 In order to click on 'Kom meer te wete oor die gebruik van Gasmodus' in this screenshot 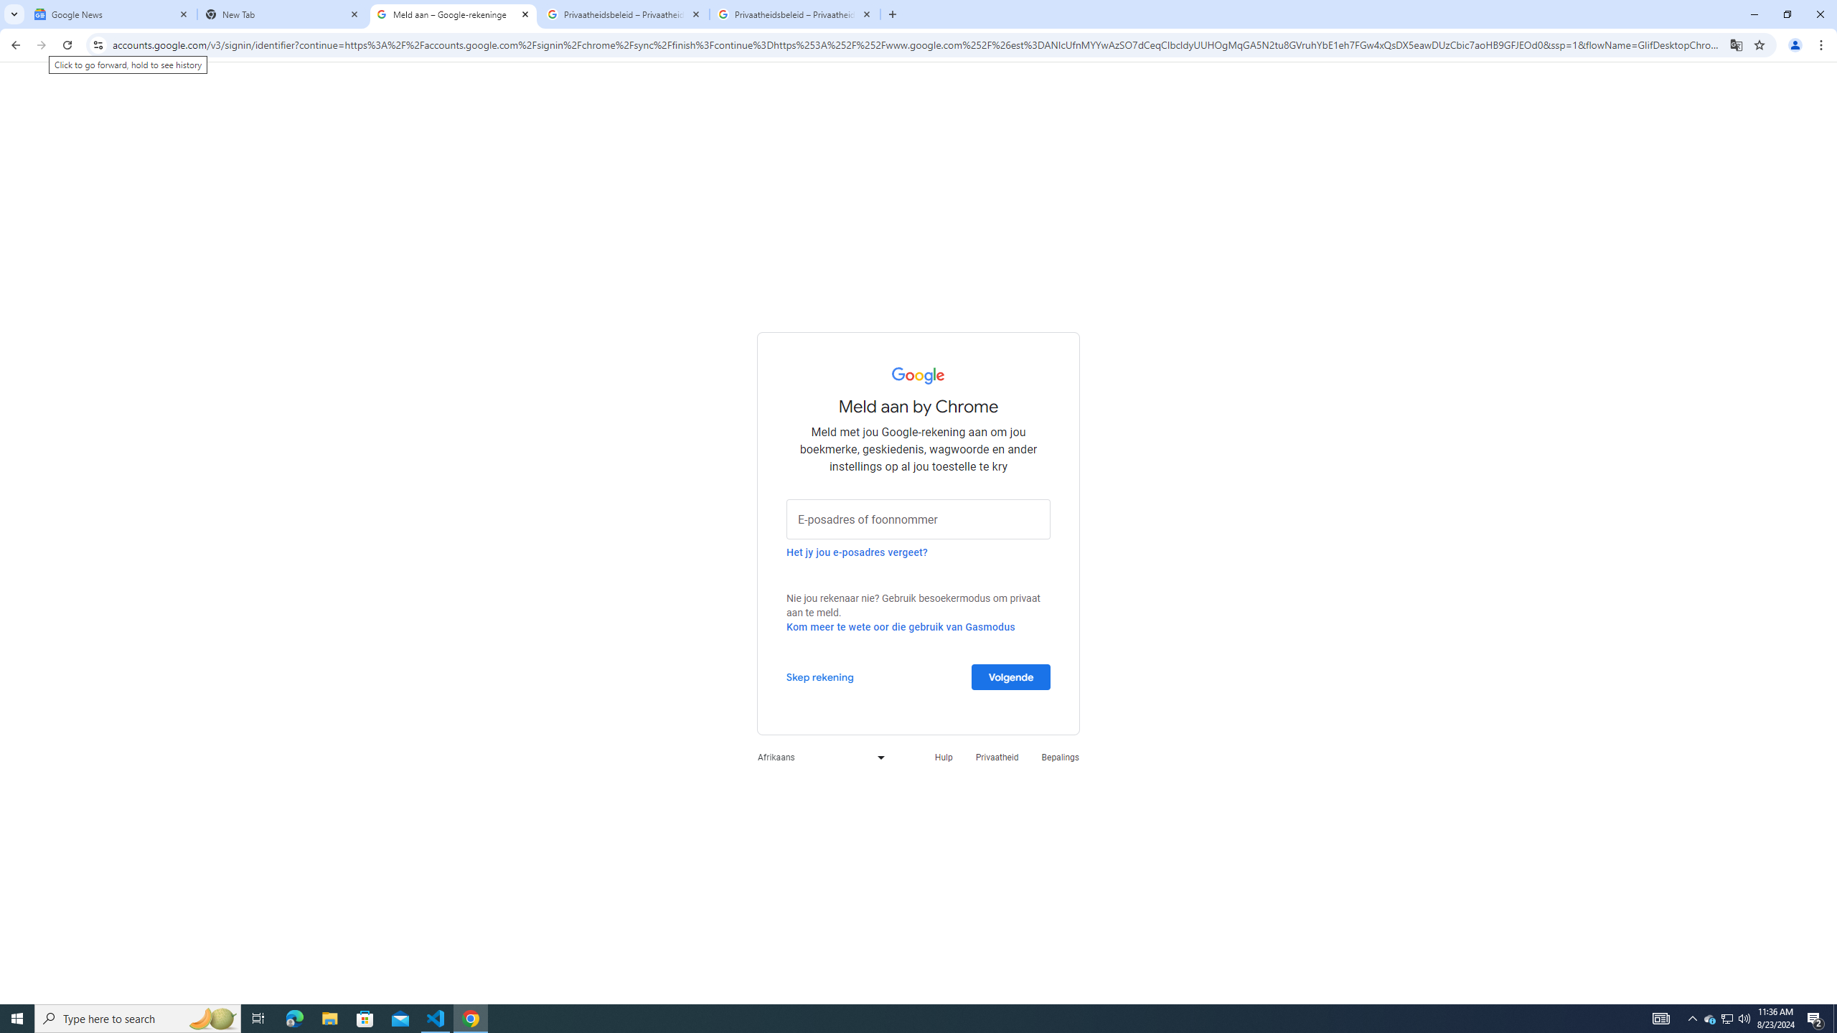, I will do `click(901, 626)`.